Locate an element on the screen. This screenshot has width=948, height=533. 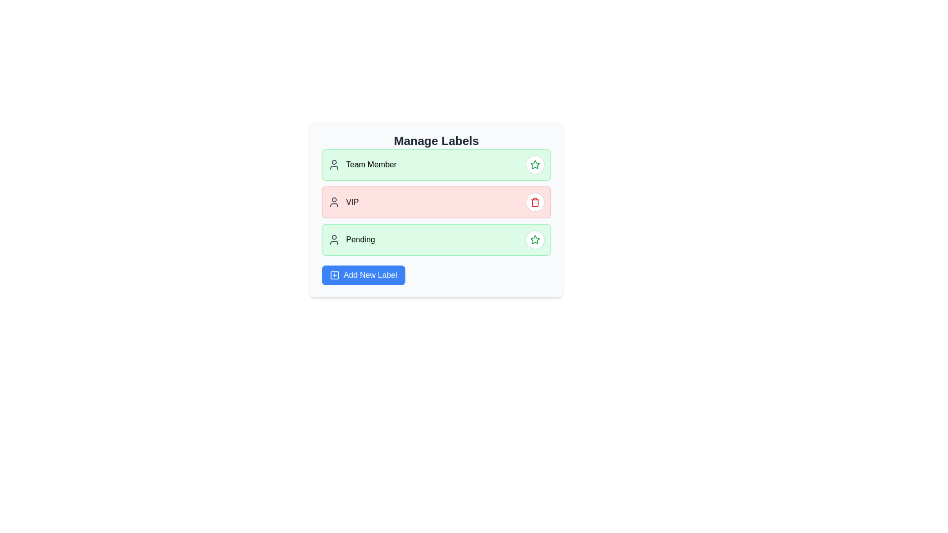
the 'Pending' status text element located in the 'Manage Labels' section, which is aligned to the left before the star icon is located at coordinates (352, 240).